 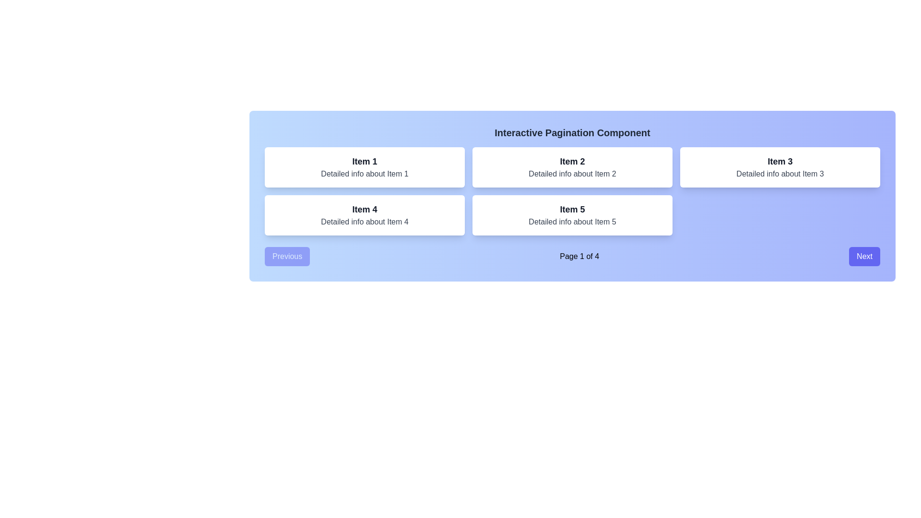 What do you see at coordinates (864, 256) in the screenshot?
I see `the rectangular 'Next' button with a blue background and white text to observe any hover effects` at bounding box center [864, 256].